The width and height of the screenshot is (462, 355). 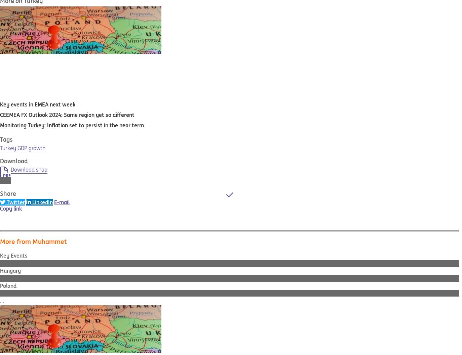 What do you see at coordinates (2, 300) in the screenshot?
I see `'...'` at bounding box center [2, 300].